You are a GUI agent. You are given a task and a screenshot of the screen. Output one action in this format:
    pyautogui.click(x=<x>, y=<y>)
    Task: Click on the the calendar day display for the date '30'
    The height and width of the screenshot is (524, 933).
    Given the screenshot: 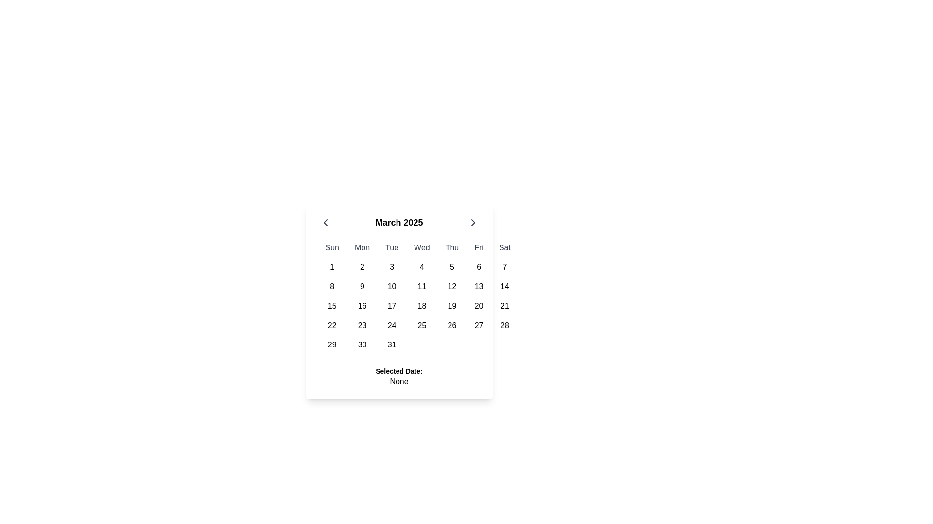 What is the action you would take?
    pyautogui.click(x=362, y=344)
    